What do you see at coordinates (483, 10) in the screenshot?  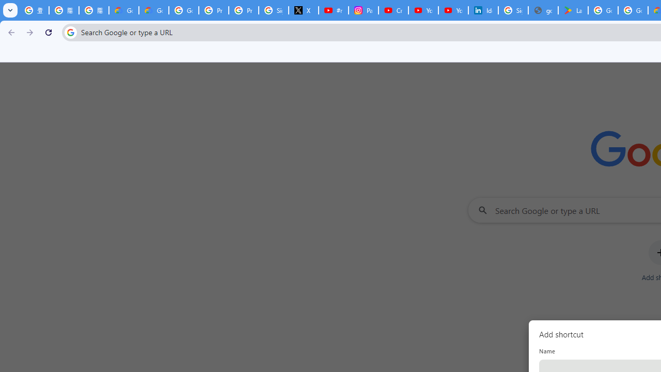 I see `'Identity verification via Persona | LinkedIn Help'` at bounding box center [483, 10].